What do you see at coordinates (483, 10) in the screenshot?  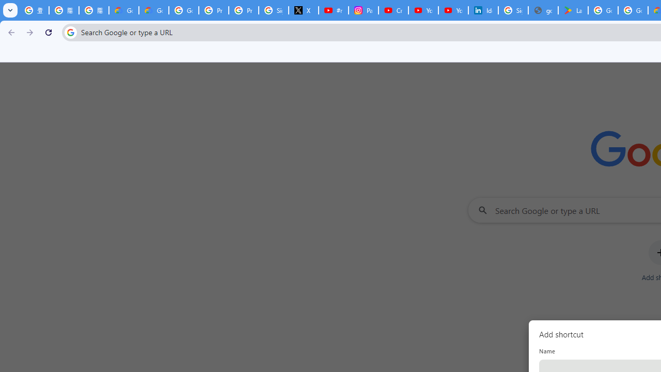 I see `'Identity verification via Persona | LinkedIn Help'` at bounding box center [483, 10].